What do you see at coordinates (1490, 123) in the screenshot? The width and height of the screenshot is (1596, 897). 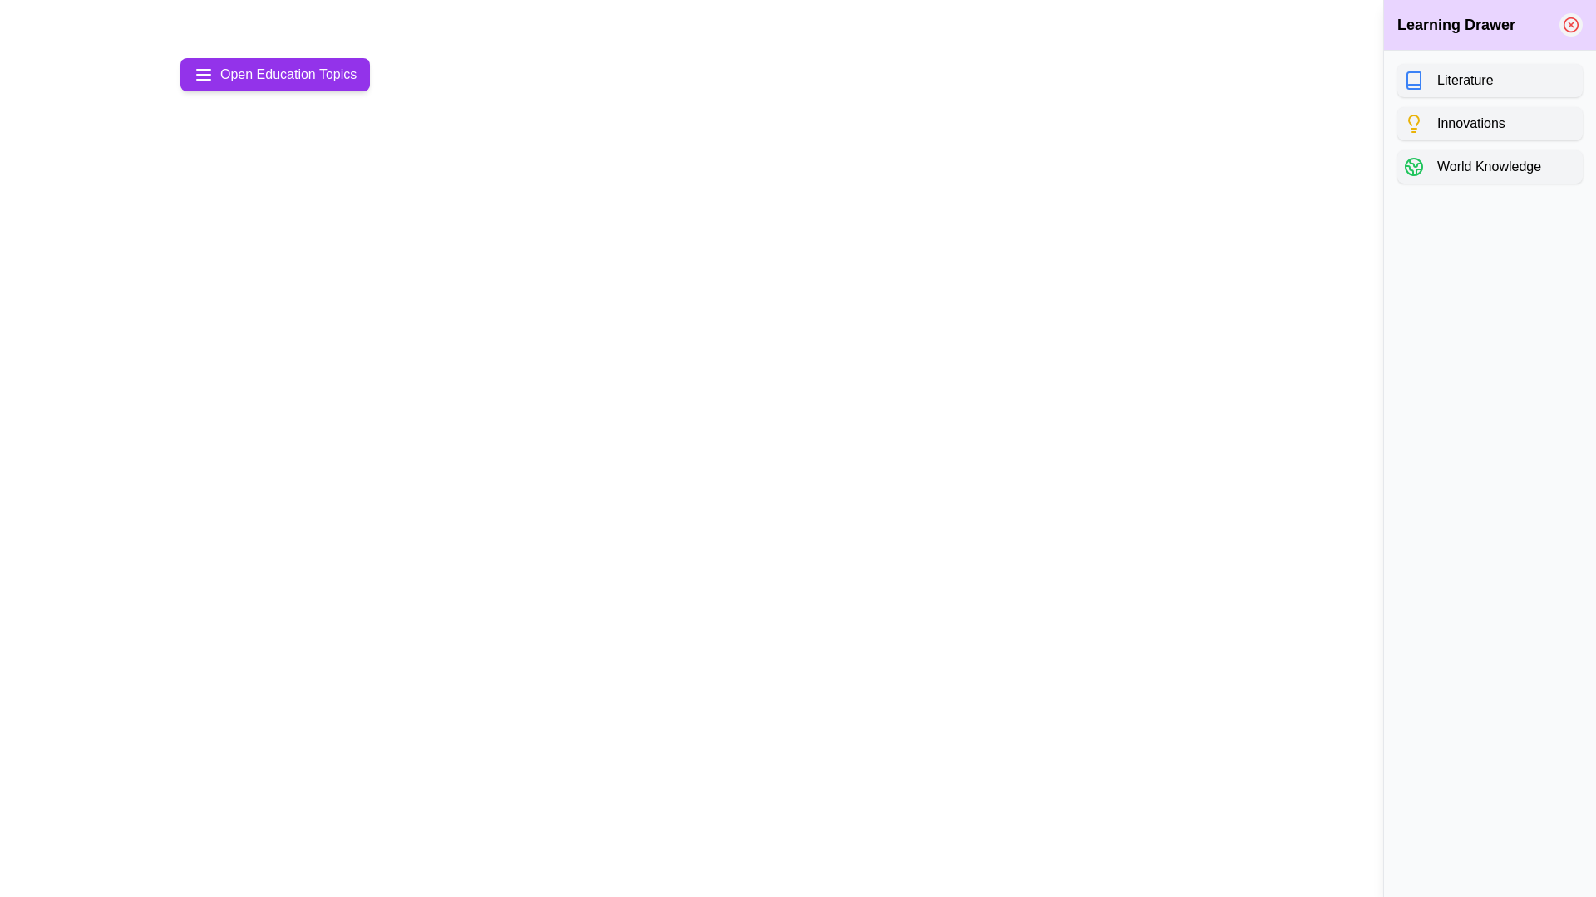 I see `the button corresponding to the topic Innovations inside the drawer` at bounding box center [1490, 123].